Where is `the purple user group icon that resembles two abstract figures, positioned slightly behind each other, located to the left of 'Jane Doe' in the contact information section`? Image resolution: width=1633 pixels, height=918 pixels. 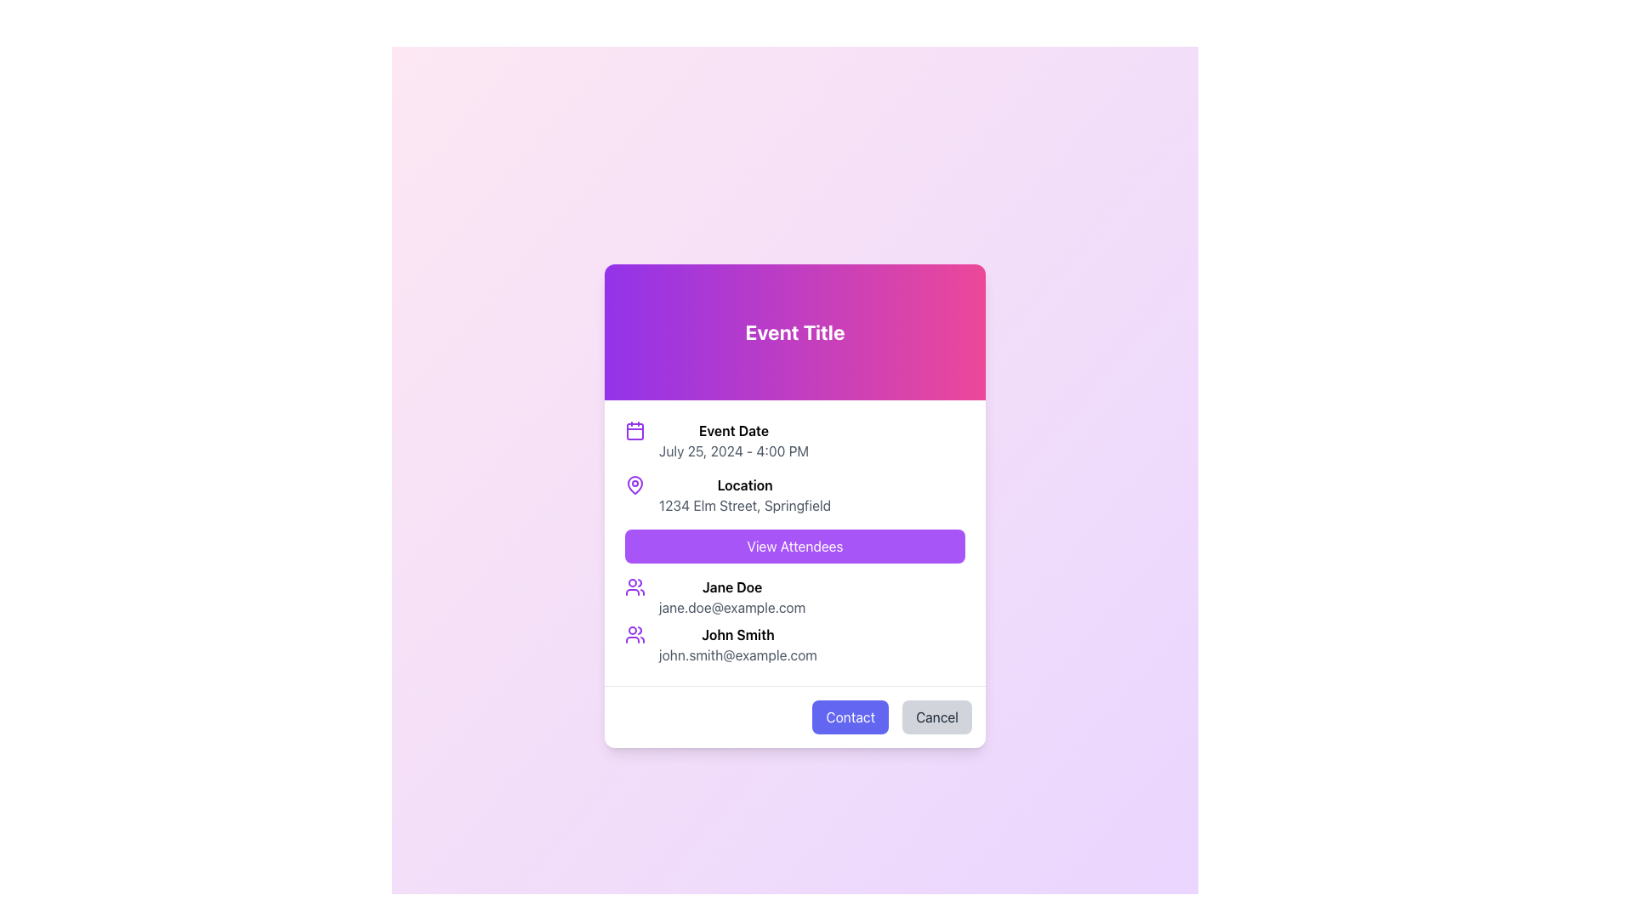
the purple user group icon that resembles two abstract figures, positioned slightly behind each other, located to the left of 'Jane Doe' in the contact information section is located at coordinates (634, 586).